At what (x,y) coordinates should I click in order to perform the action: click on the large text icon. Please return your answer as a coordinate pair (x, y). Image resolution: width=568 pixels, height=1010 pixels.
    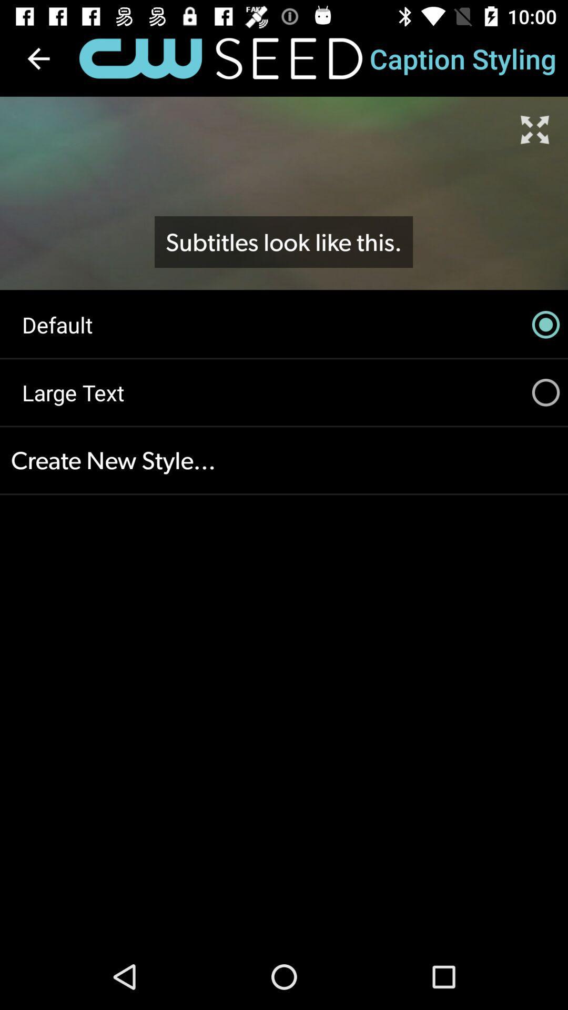
    Looking at the image, I should click on (284, 392).